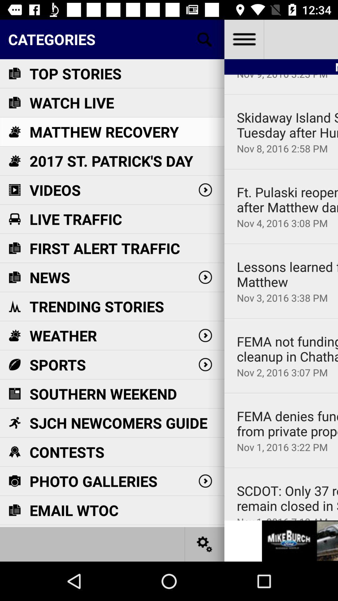  Describe the element at coordinates (205, 39) in the screenshot. I see `the search icon` at that location.